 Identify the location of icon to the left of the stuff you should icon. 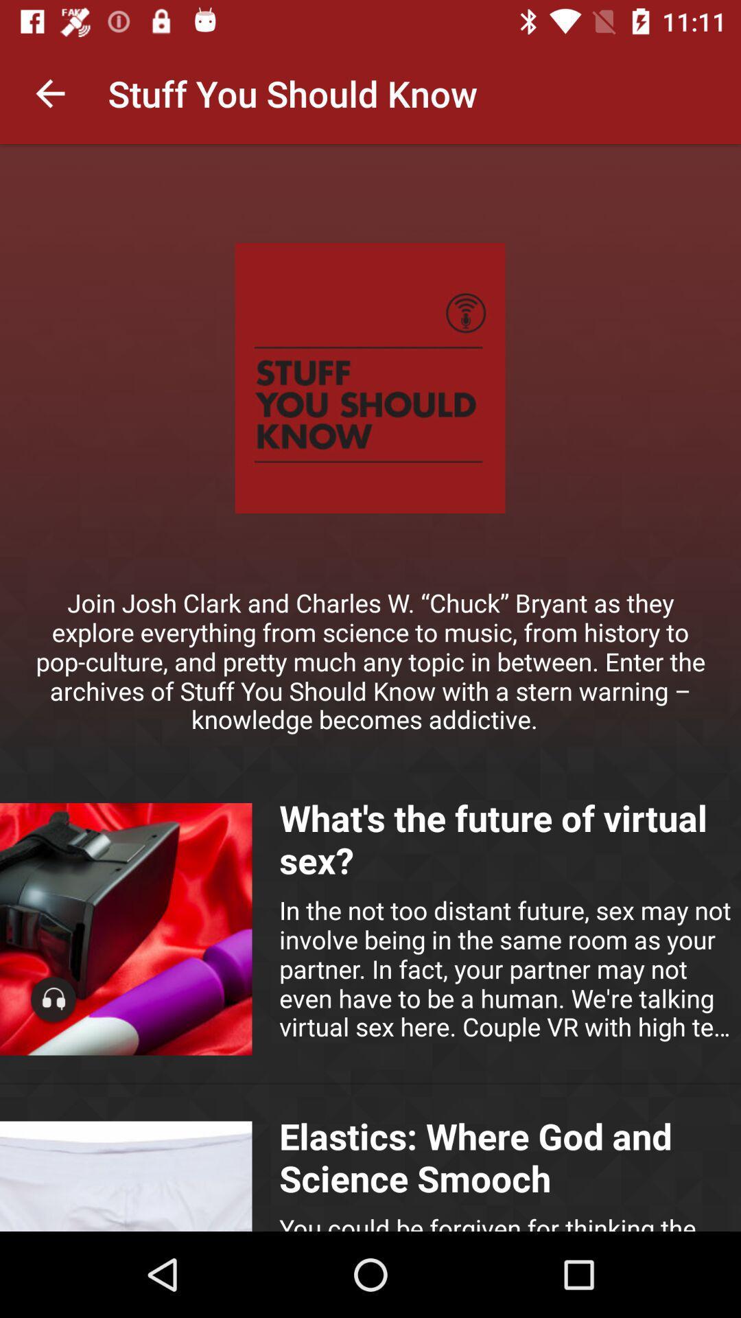
(49, 93).